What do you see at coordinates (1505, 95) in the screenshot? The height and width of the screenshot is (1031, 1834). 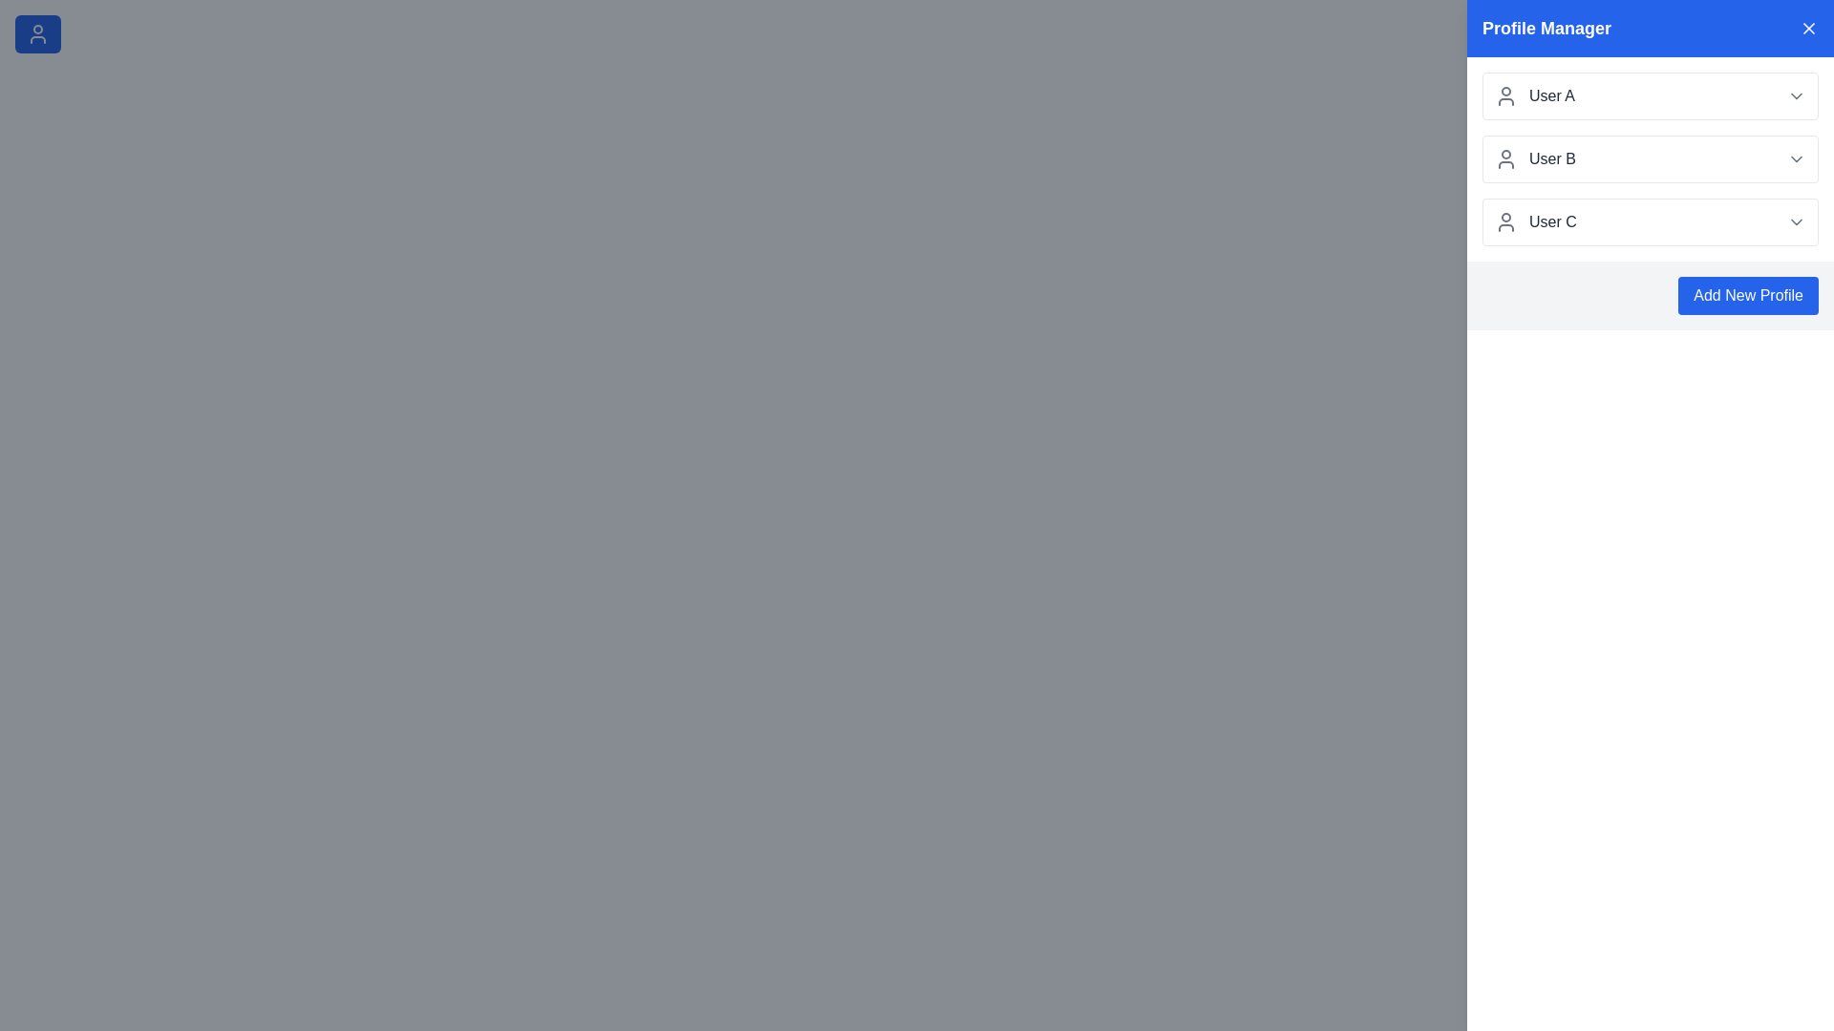 I see `the user icon located to the left of the 'User A' label in the Profile Manager list, which serves as an identifier for that list item` at bounding box center [1505, 95].